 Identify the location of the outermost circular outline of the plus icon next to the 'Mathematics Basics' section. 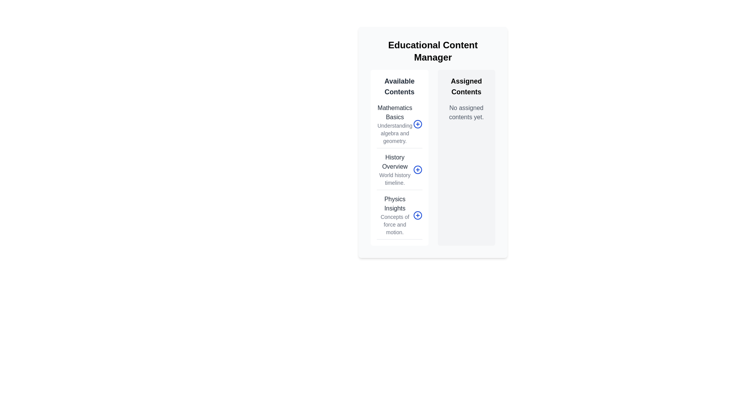
(417, 124).